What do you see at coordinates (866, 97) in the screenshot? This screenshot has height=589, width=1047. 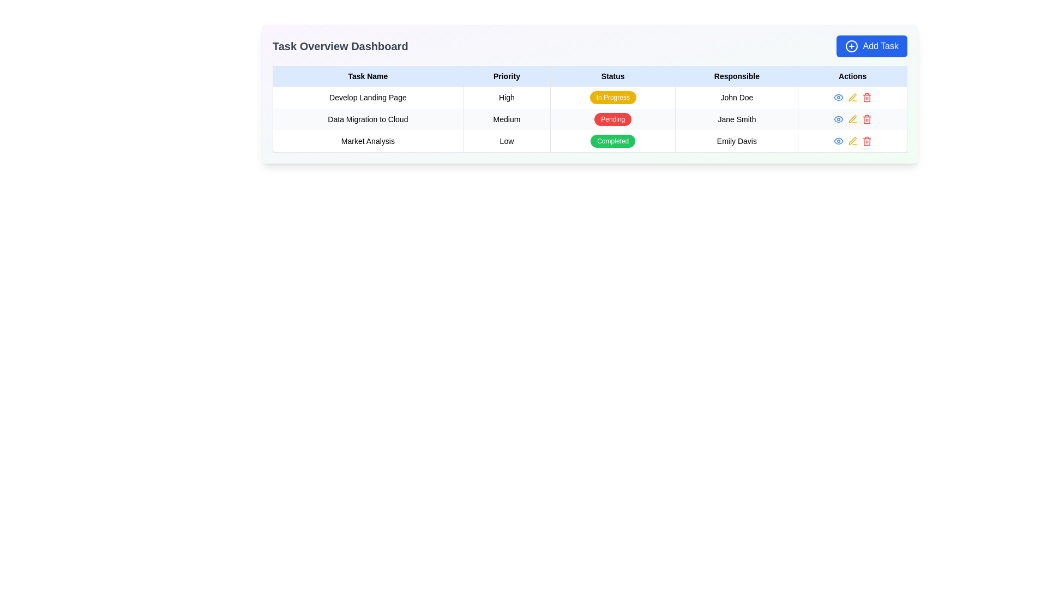 I see `the red trash icon button located in the action column of the third task row` at bounding box center [866, 97].